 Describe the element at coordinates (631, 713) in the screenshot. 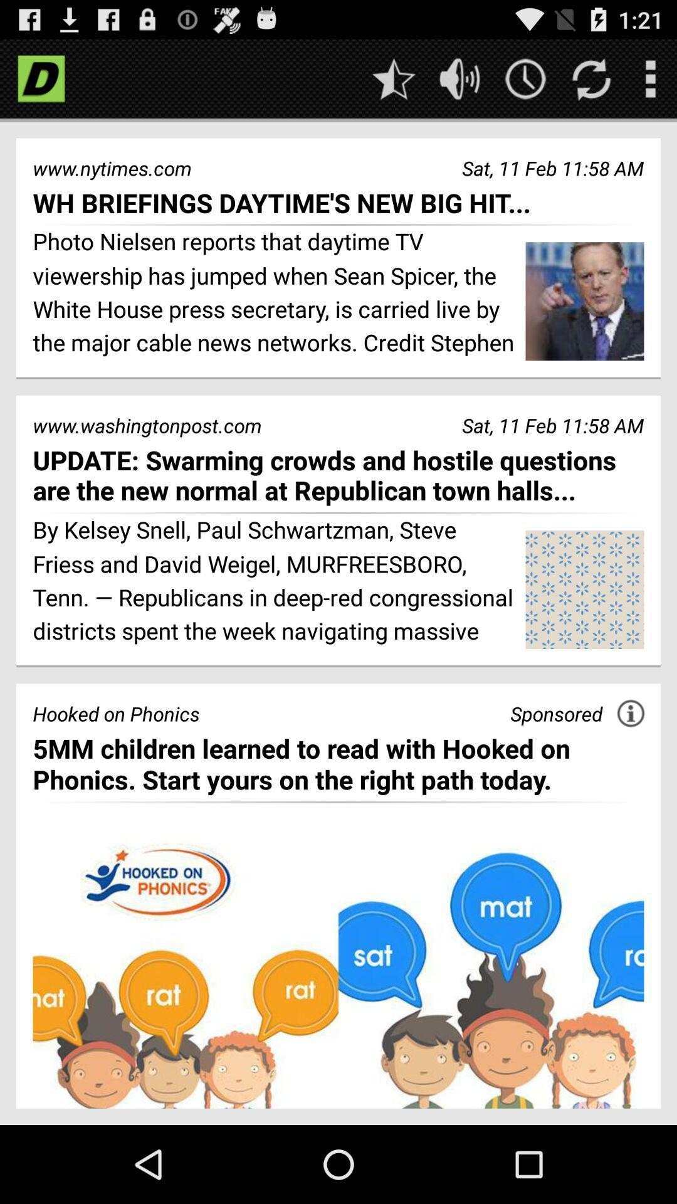

I see `information about sponsored post` at that location.